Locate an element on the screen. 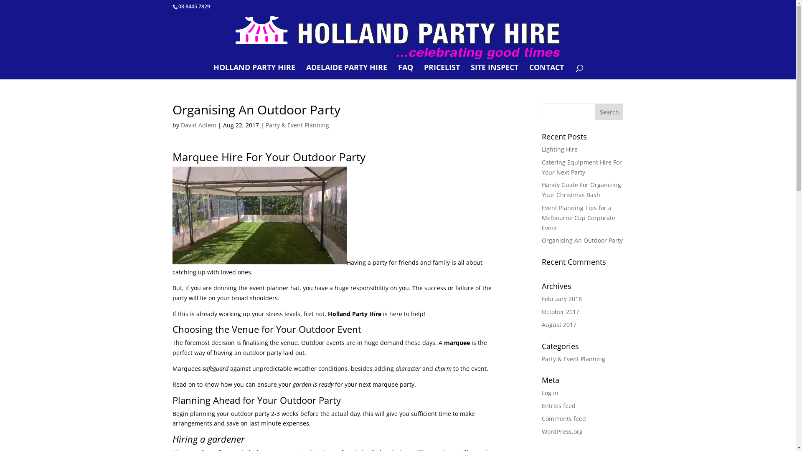  'Event Planning Tips for a Melbourne Cup Corporate Event' is located at coordinates (578, 217).